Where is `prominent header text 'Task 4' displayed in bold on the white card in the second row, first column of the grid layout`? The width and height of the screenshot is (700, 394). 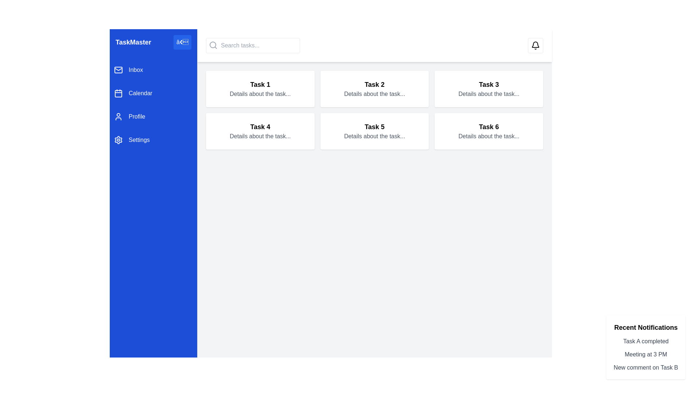
prominent header text 'Task 4' displayed in bold on the white card in the second row, first column of the grid layout is located at coordinates (260, 126).